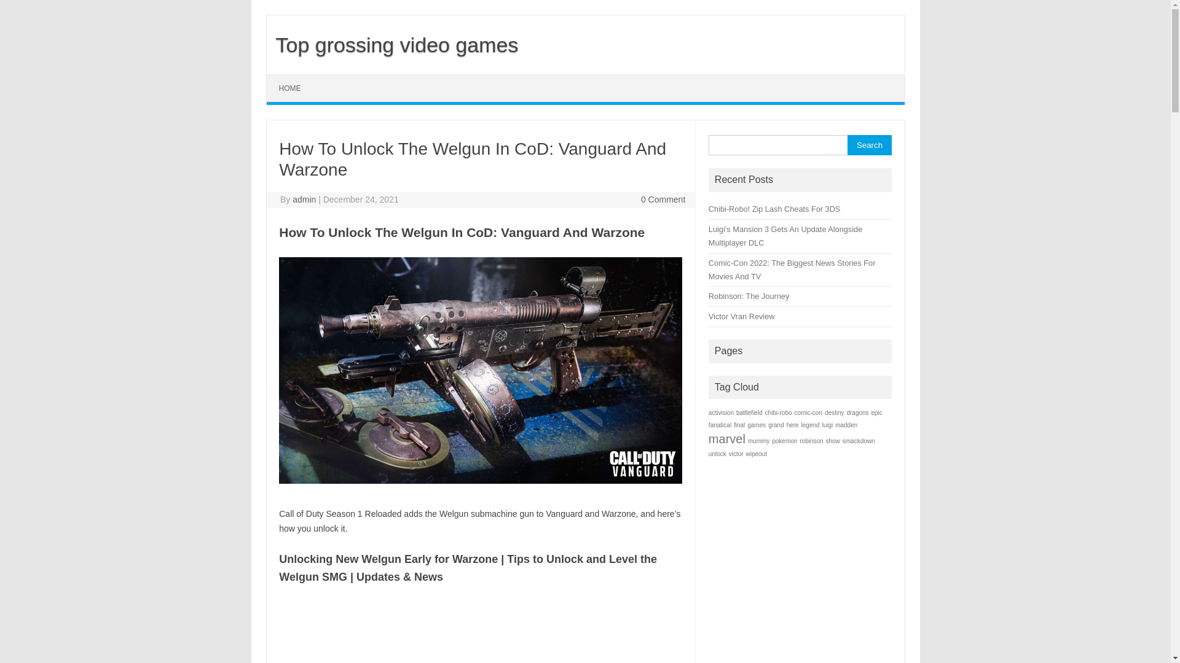 The width and height of the screenshot is (1180, 663). I want to click on 'Comic-Con 2022: The Biggest News Stories For Movies And TV', so click(792, 269).